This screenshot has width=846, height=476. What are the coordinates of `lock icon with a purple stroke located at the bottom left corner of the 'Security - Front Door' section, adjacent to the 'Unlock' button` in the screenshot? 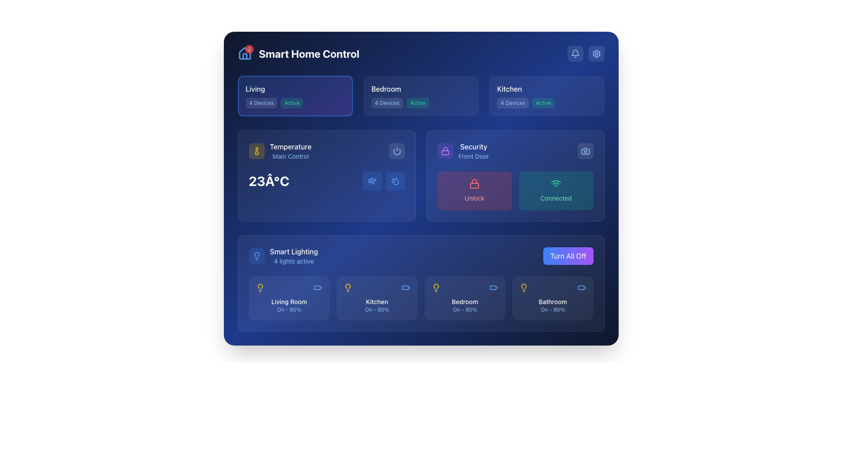 It's located at (445, 151).